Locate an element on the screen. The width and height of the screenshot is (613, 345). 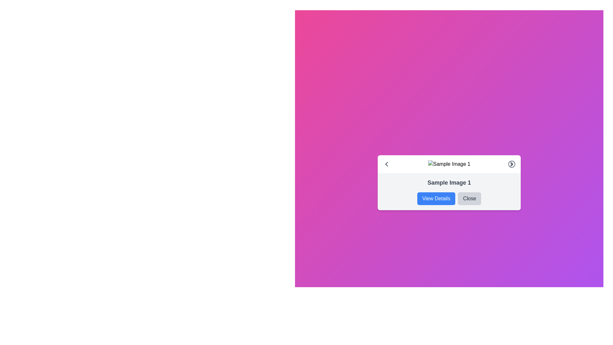
the first call-to-action button located at the bottom-center of the modal dialog to activate visual focus indicators is located at coordinates (436, 198).